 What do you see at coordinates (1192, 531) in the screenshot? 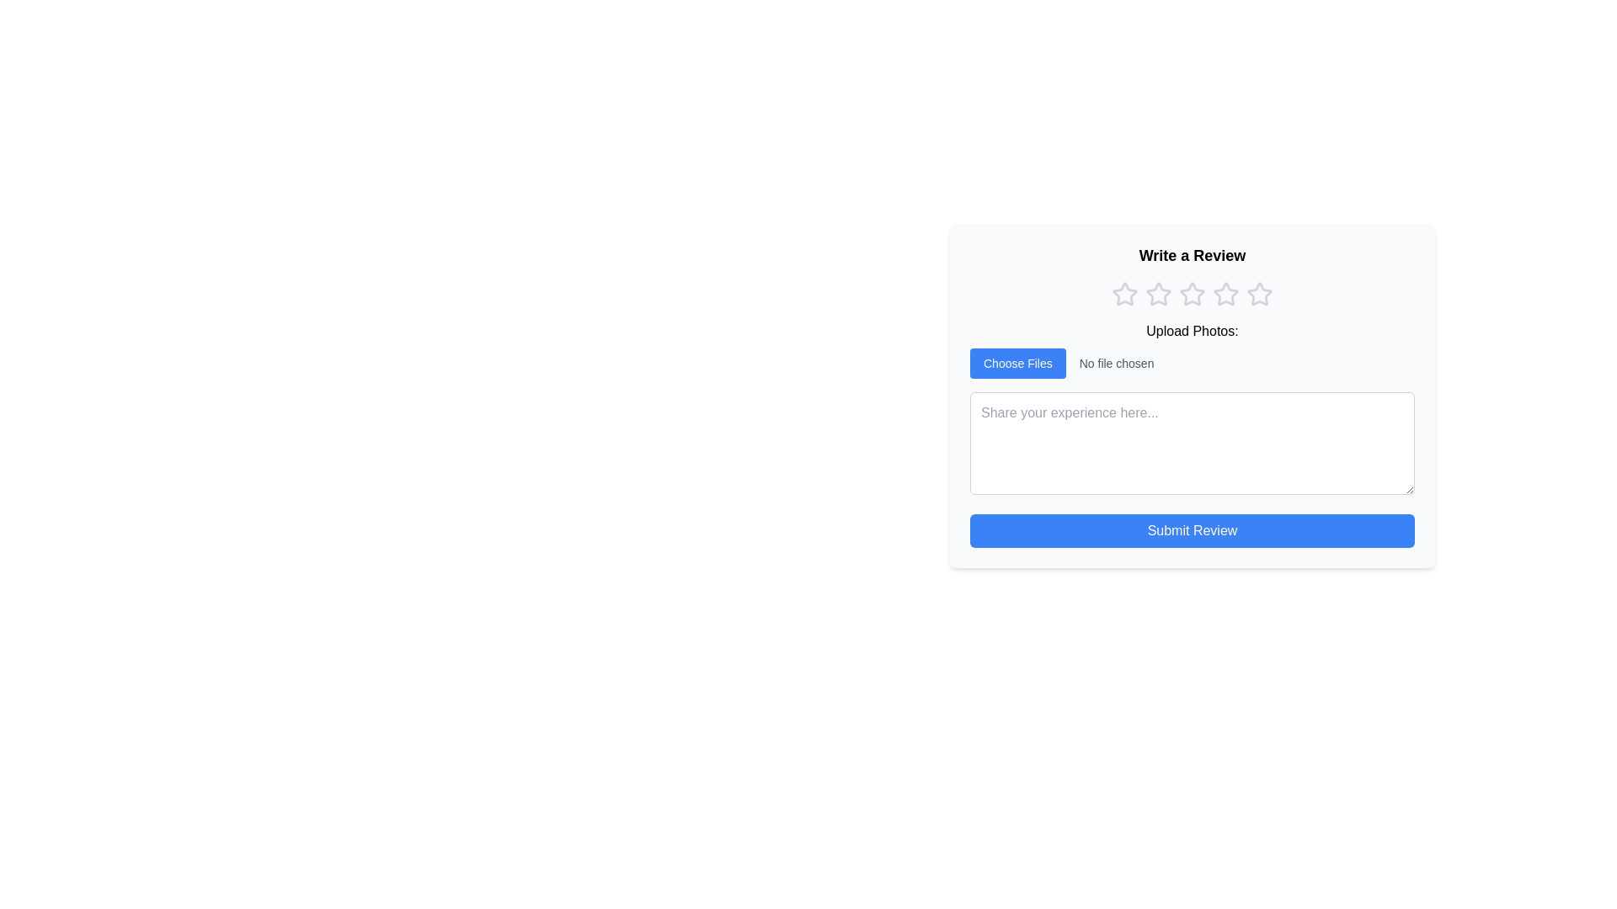
I see `the submit button located directly below the multiline text input labeled 'Share your experience here...'` at bounding box center [1192, 531].